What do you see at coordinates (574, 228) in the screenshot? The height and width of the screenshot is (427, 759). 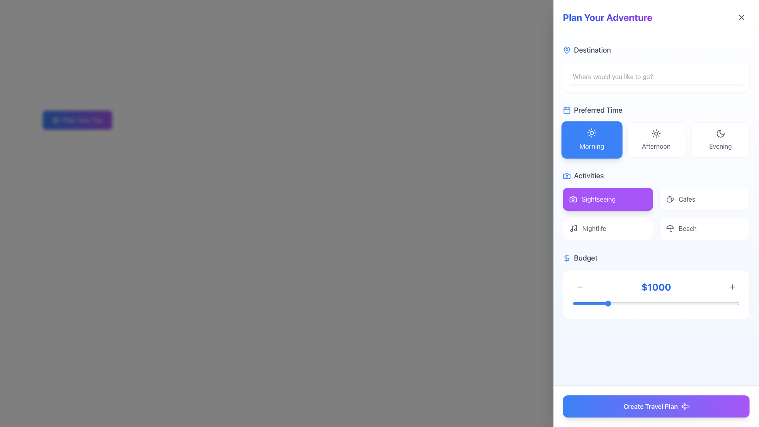 I see `black music-related icon segment located in the right sidebar of the interface within the 'Activities' section for debugging purposes` at bounding box center [574, 228].